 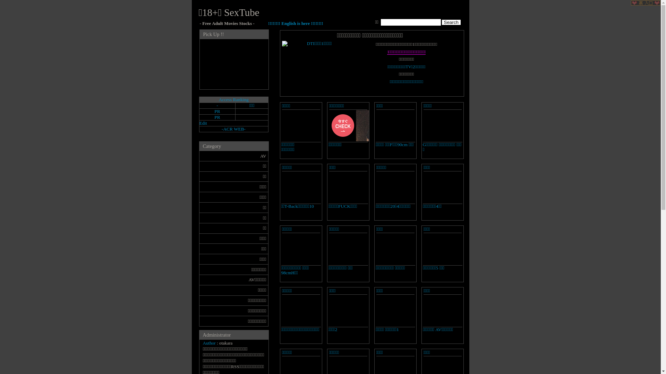 I want to click on ' Search ', so click(x=451, y=22).